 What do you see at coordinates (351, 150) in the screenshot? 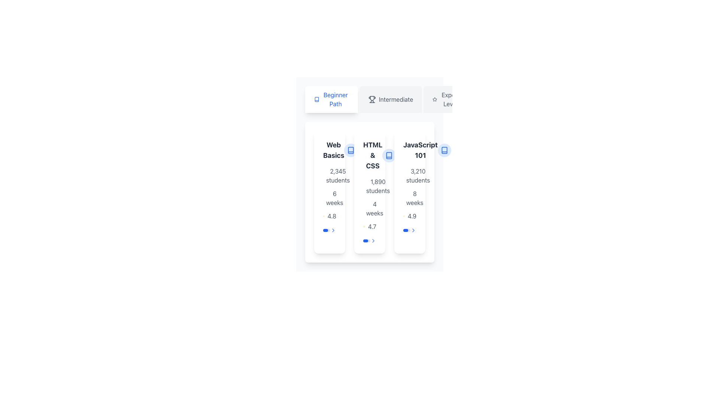
I see `the blue book icon located in the top-left corner of the 'HTML & CSS' card` at bounding box center [351, 150].